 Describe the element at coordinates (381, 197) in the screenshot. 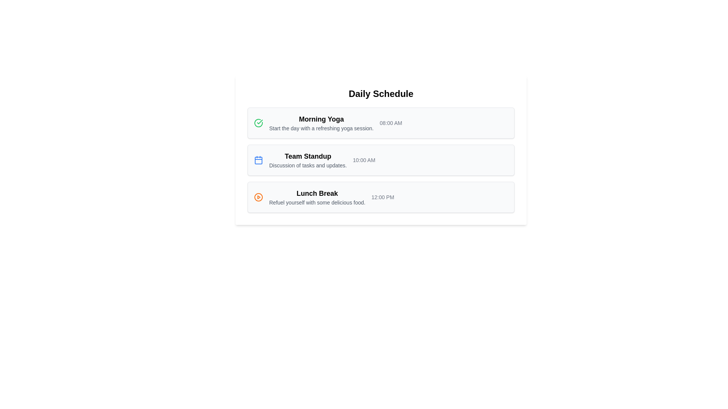

I see `the third entry in the 'Daily Schedule' list, which represents a scheduled event with details such as title, description, and time` at that location.